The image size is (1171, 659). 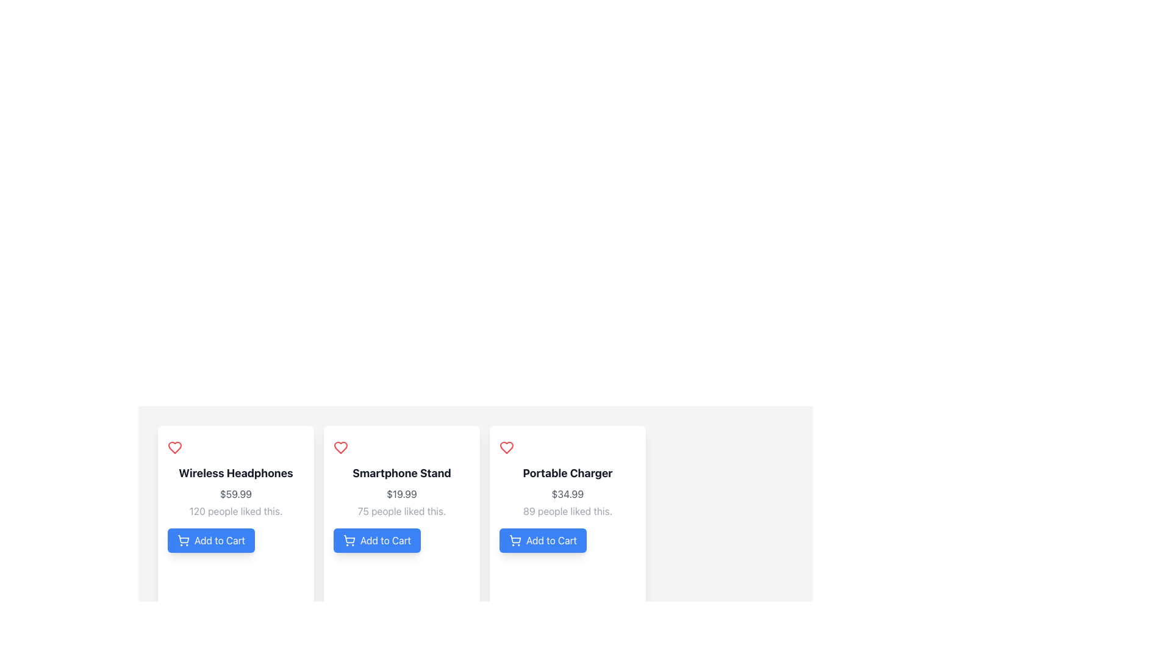 I want to click on the blue button labeled 'Add to Cart' with a shopping cart icon, so click(x=376, y=540).